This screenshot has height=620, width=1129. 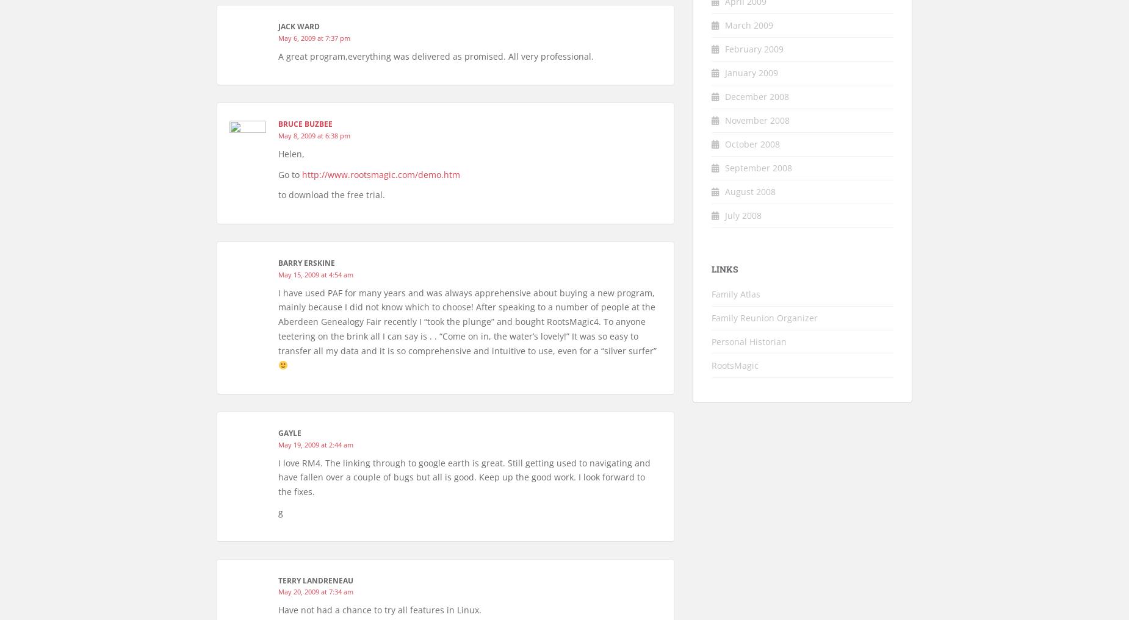 What do you see at coordinates (756, 95) in the screenshot?
I see `'December 2008'` at bounding box center [756, 95].